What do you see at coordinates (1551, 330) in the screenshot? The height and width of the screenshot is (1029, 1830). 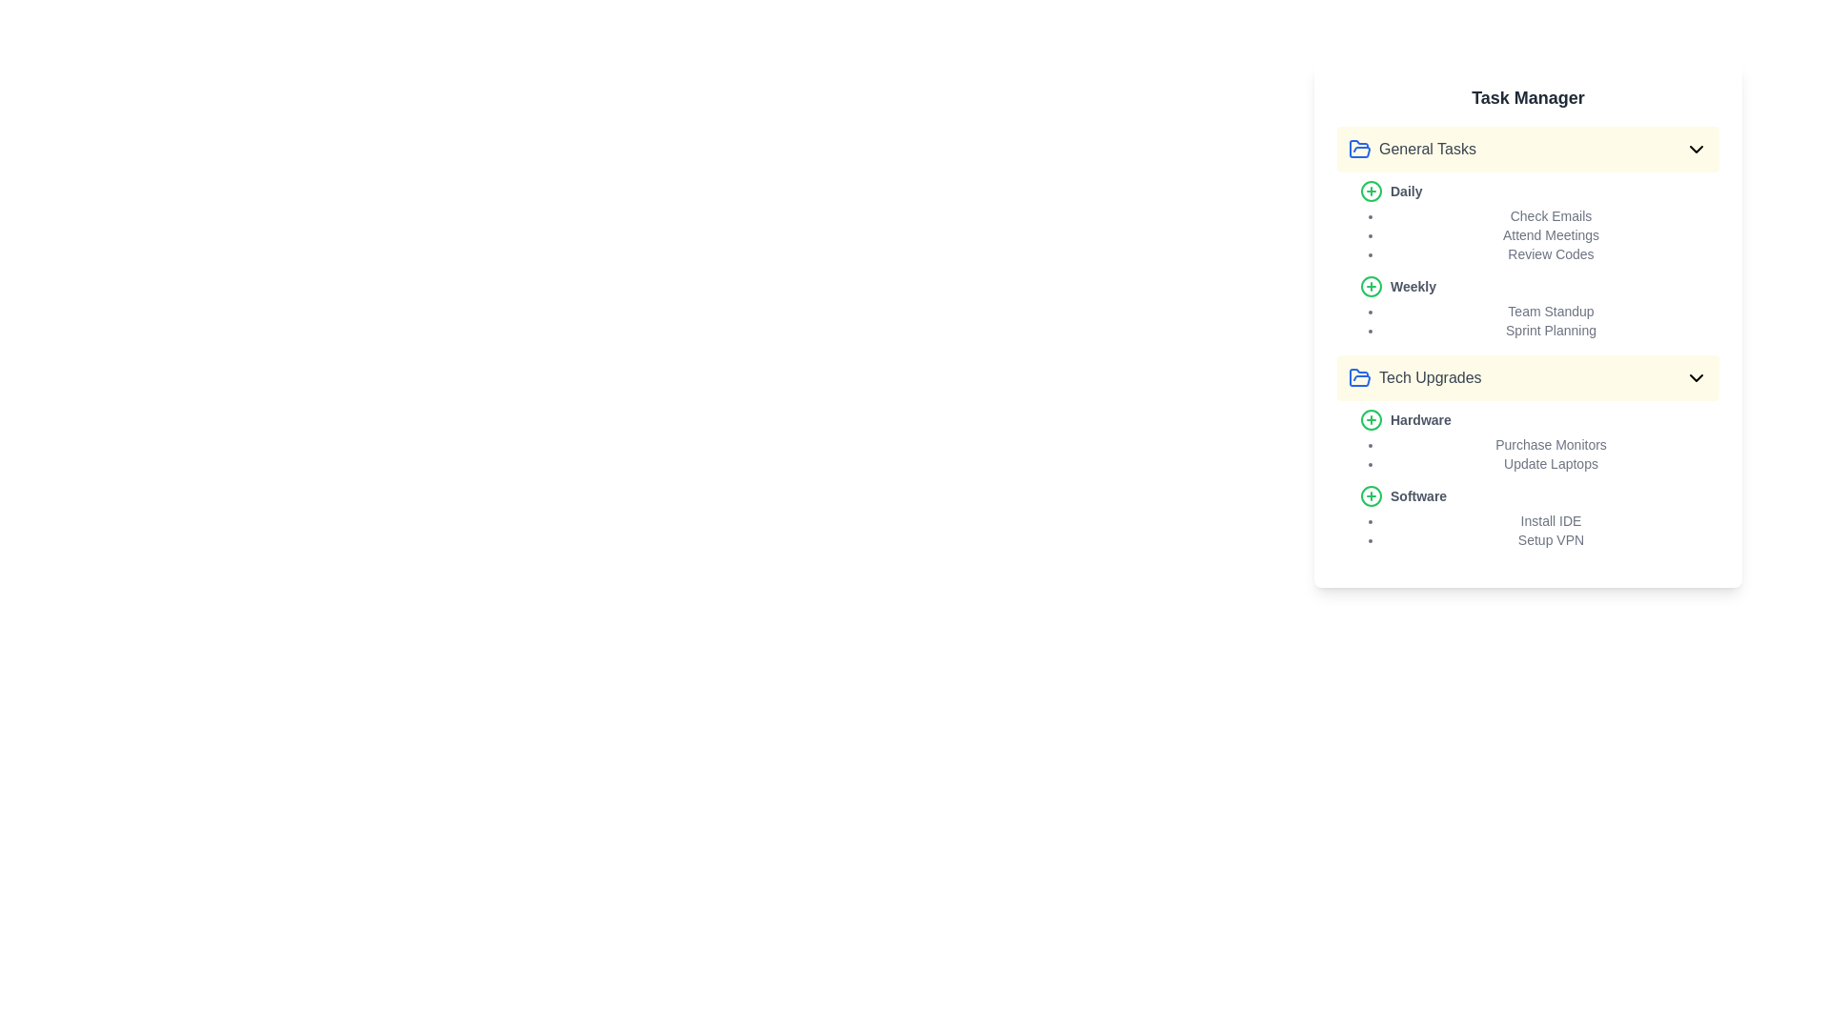 I see `the 'Sprint Planning' text label located` at bounding box center [1551, 330].